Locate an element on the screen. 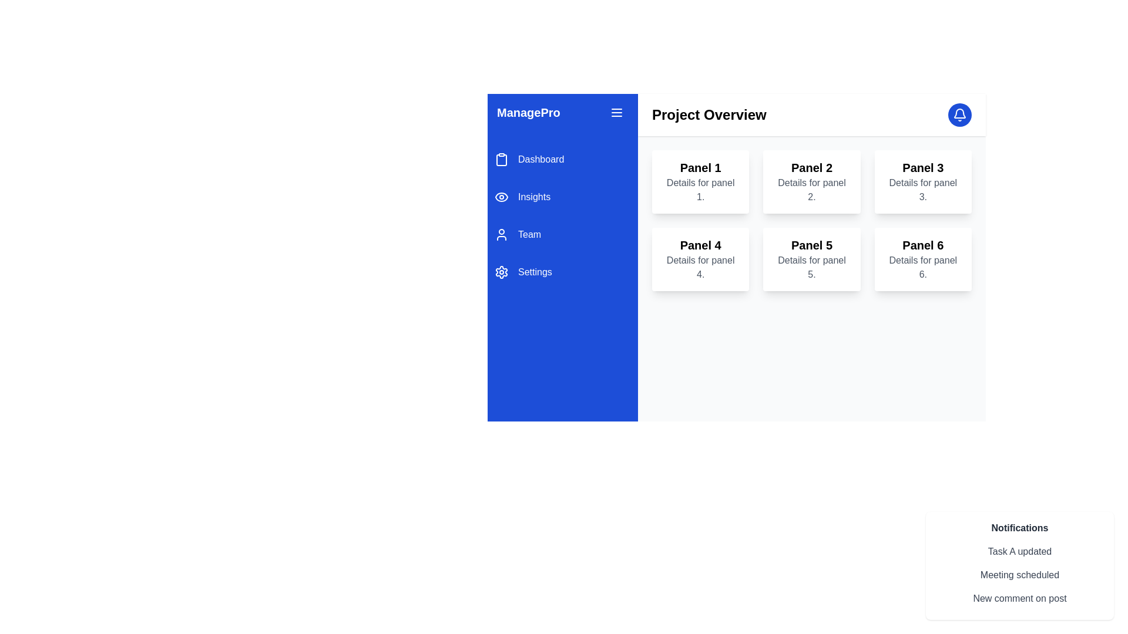 The height and width of the screenshot is (634, 1128). the text block displaying 'Details for panel 6.' located below the title 'Panel 6' in the lower-right corner of the card is located at coordinates (922, 267).